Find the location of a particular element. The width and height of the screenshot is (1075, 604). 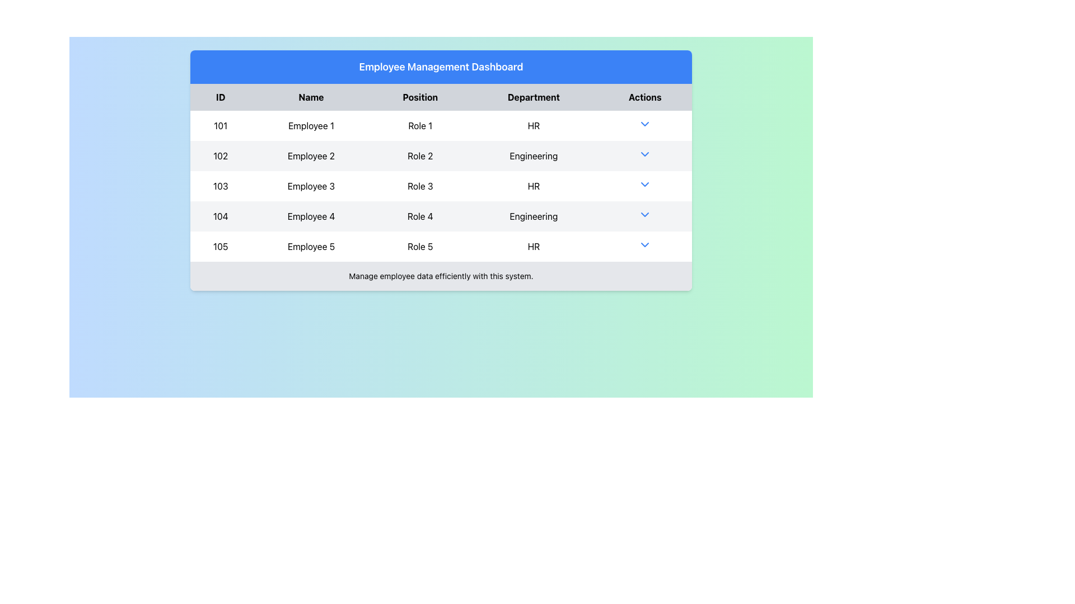

the Dropdown Trigger (Icon) located in the last cell of the first row in the 'Actions' column of the data table is located at coordinates (645, 125).